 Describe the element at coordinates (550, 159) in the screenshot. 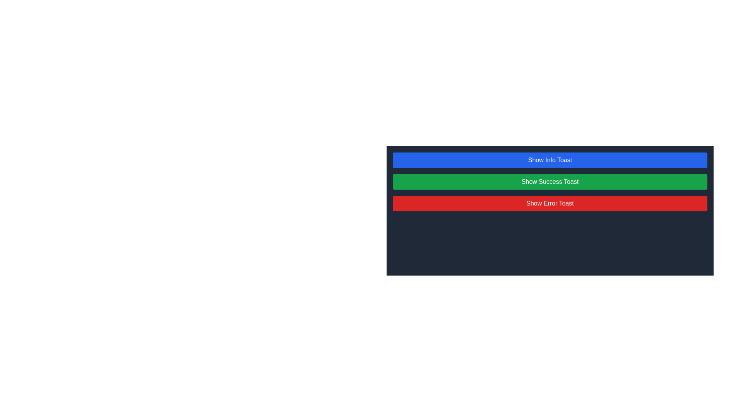

I see `the 'Show Info Toast' button, which is a blue rectangular button with rounded corners located at the top of the vertical stack of buttons` at that location.